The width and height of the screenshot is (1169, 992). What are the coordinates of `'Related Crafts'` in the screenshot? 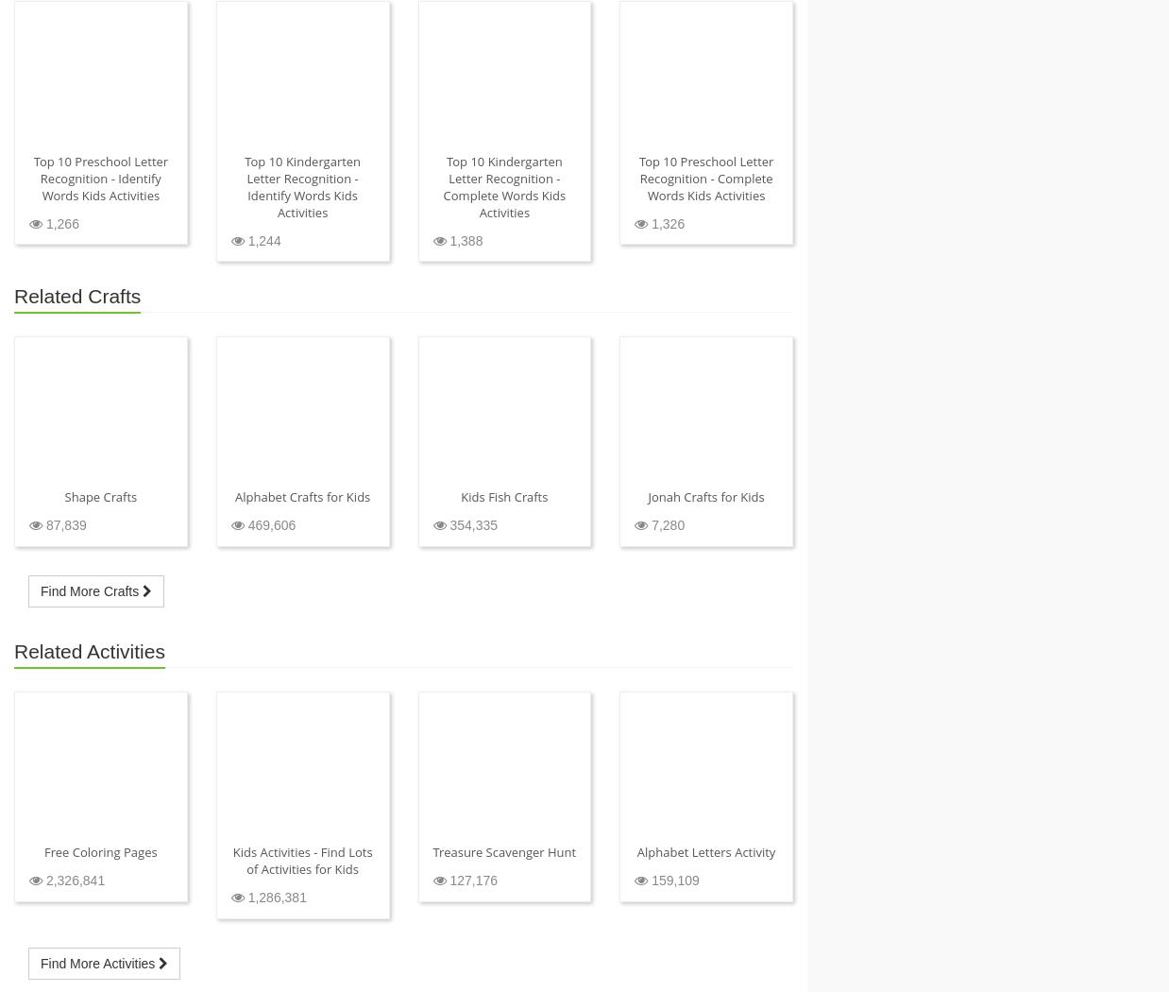 It's located at (76, 296).